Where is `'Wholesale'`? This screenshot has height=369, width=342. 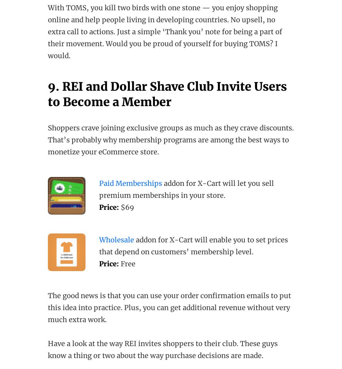 'Wholesale' is located at coordinates (116, 239).